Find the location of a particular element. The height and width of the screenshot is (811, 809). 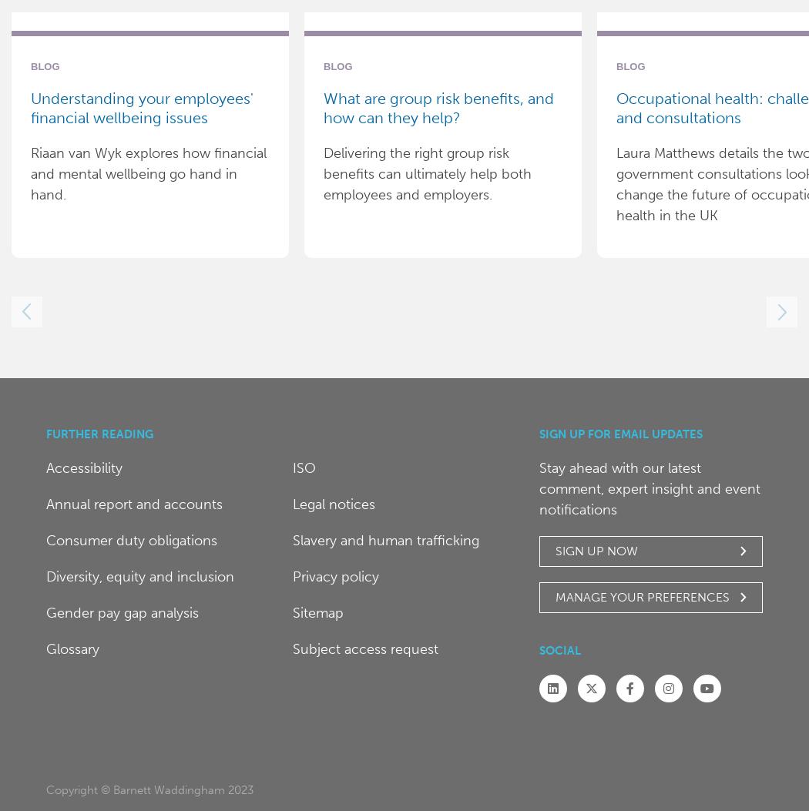

'Stay ahead with our latest comment, expert insight and event notifications' is located at coordinates (649, 488).